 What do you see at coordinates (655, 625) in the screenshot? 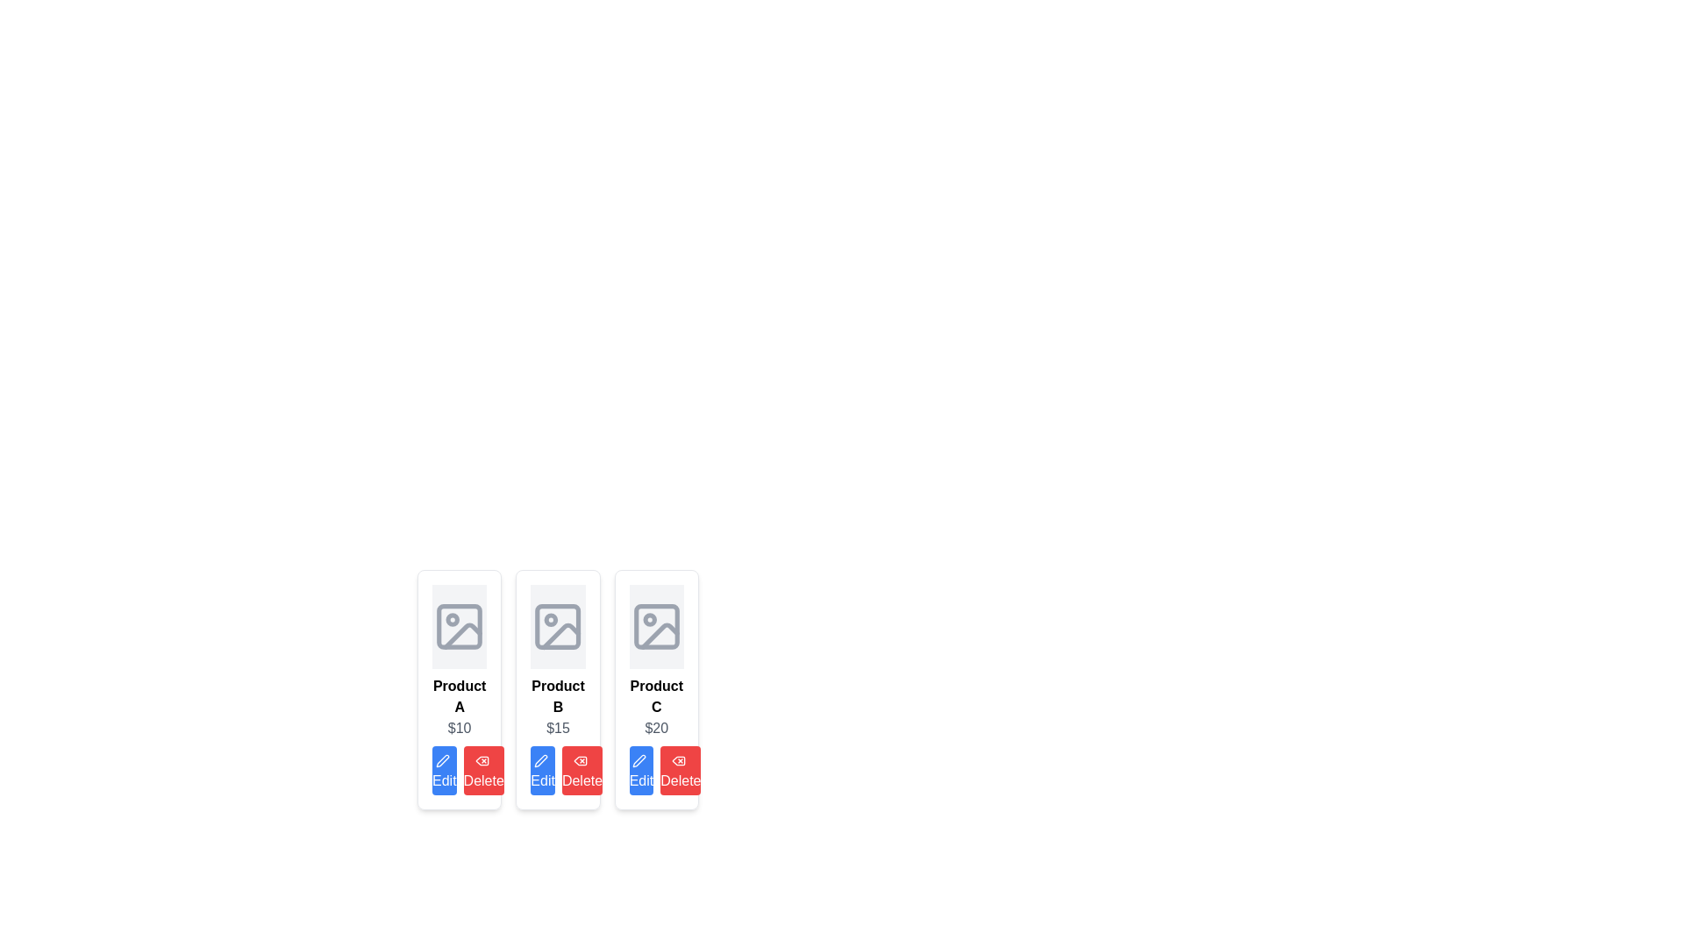
I see `the square graphical base element with rounded corners in the 'Product C' card, which is located towards the upper center portion of the card` at bounding box center [655, 625].